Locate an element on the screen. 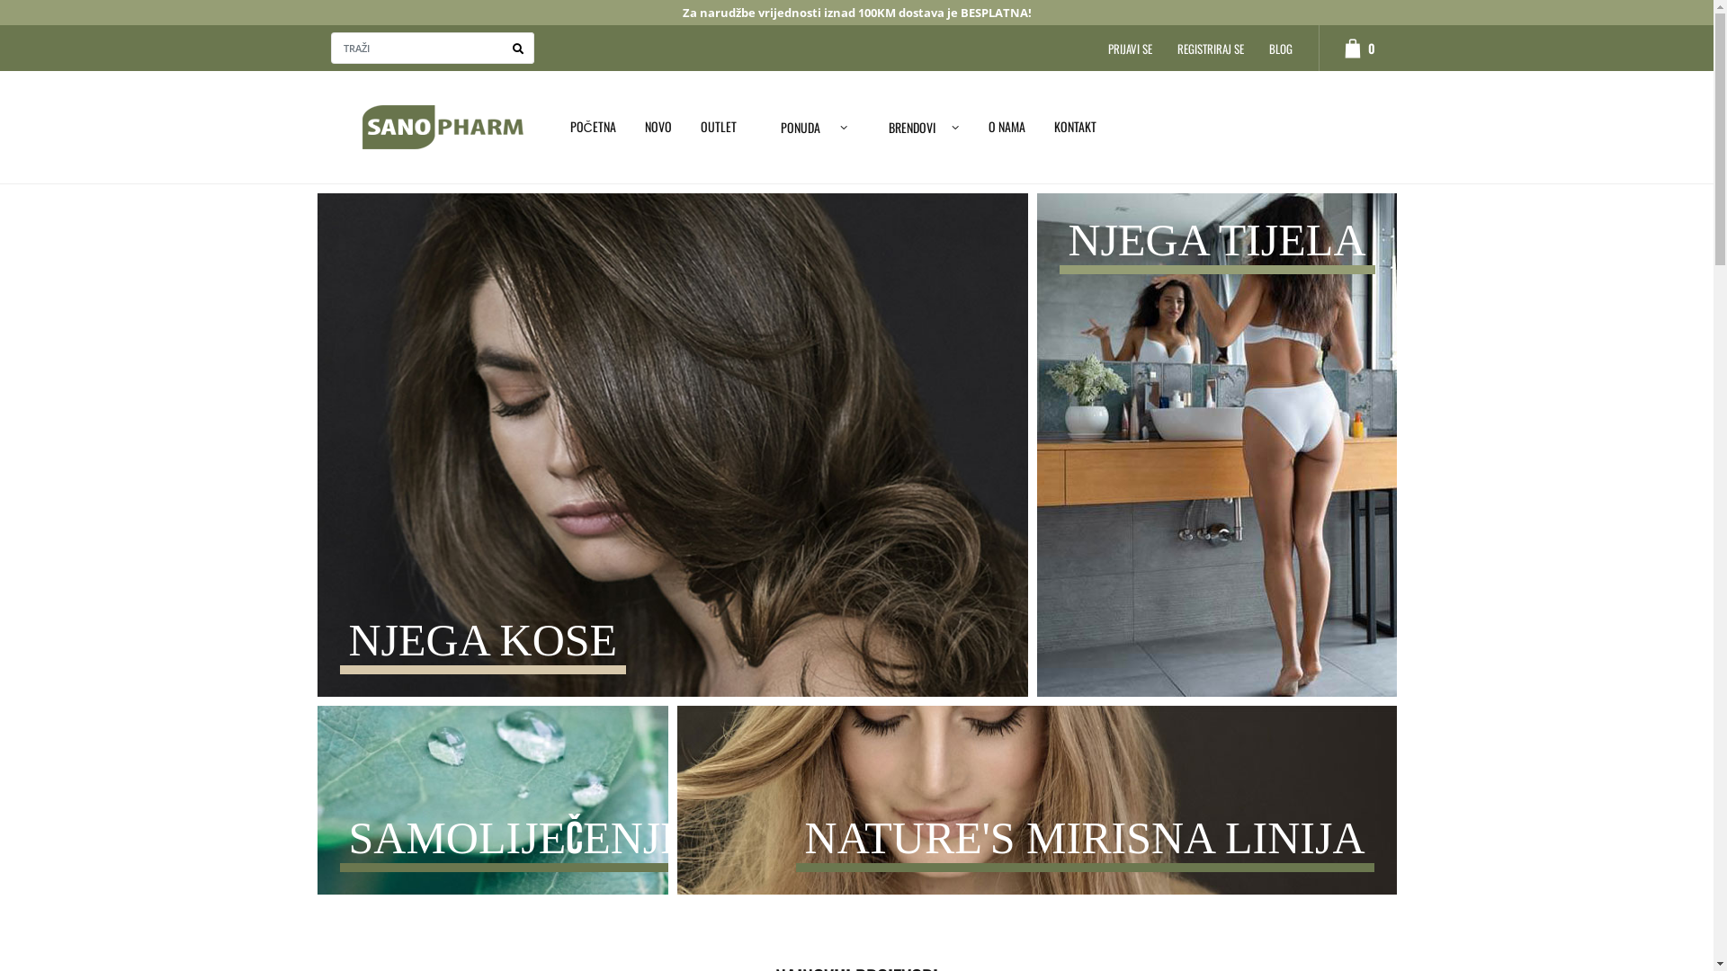 This screenshot has height=971, width=1727. 'PRIJAVI SE' is located at coordinates (1129, 48).